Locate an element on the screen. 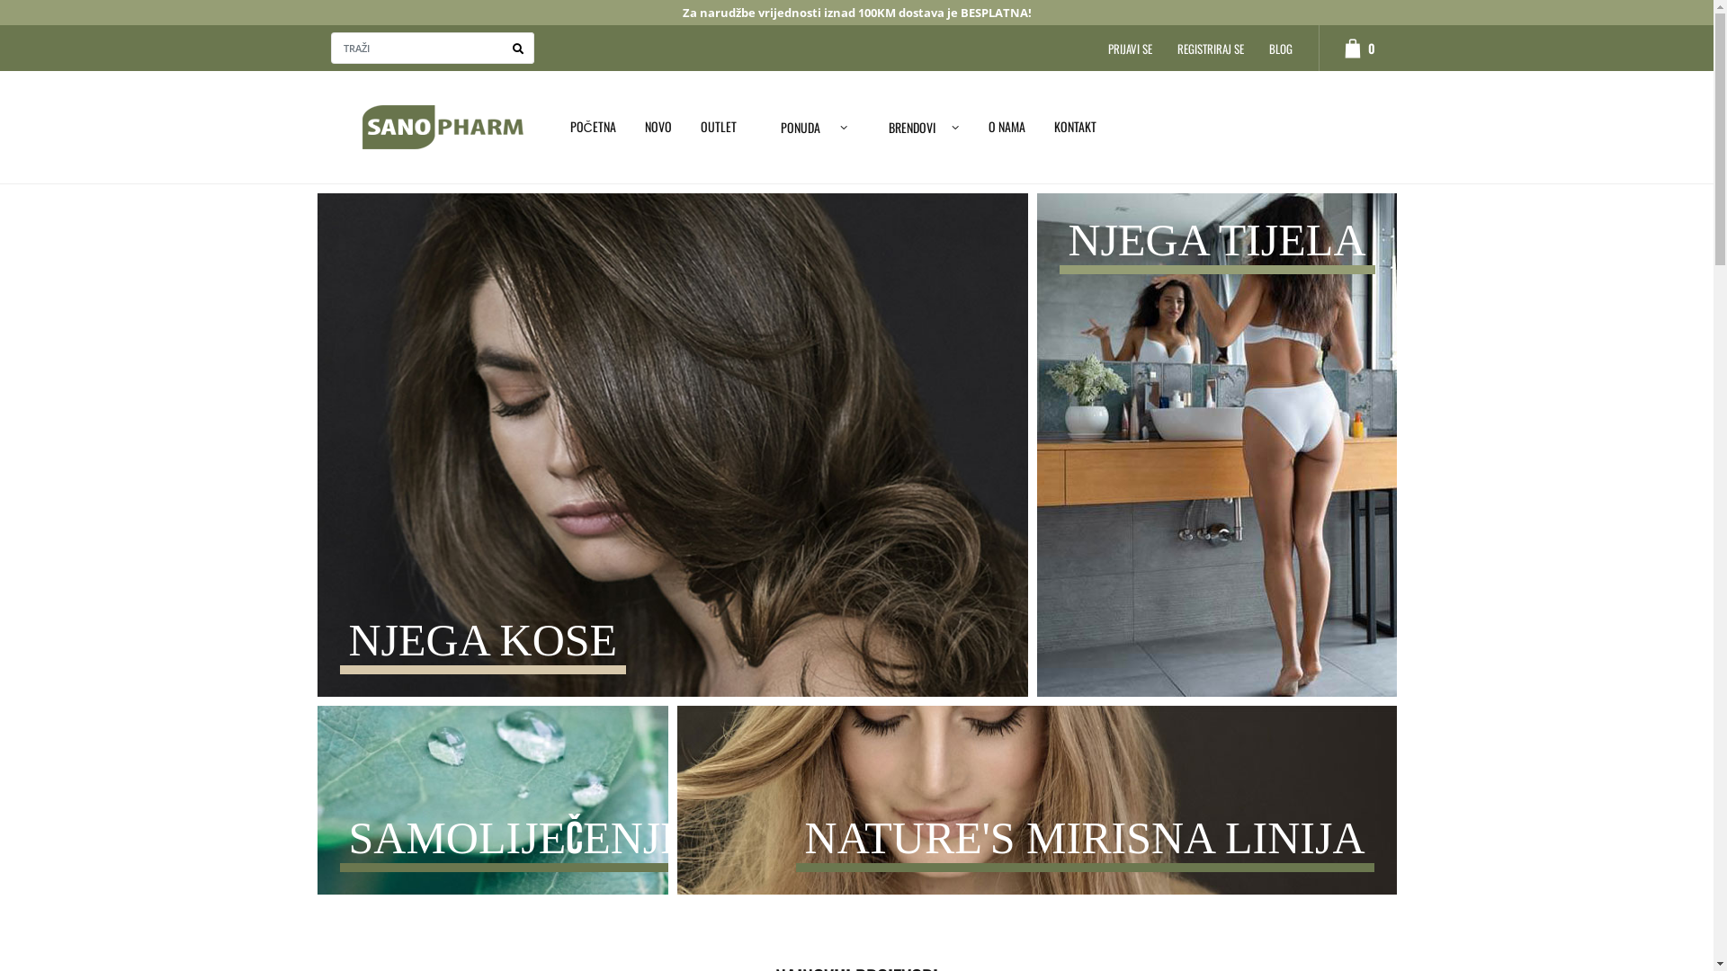 This screenshot has height=971, width=1727. 'PRIJAVI SE' is located at coordinates (1129, 48).